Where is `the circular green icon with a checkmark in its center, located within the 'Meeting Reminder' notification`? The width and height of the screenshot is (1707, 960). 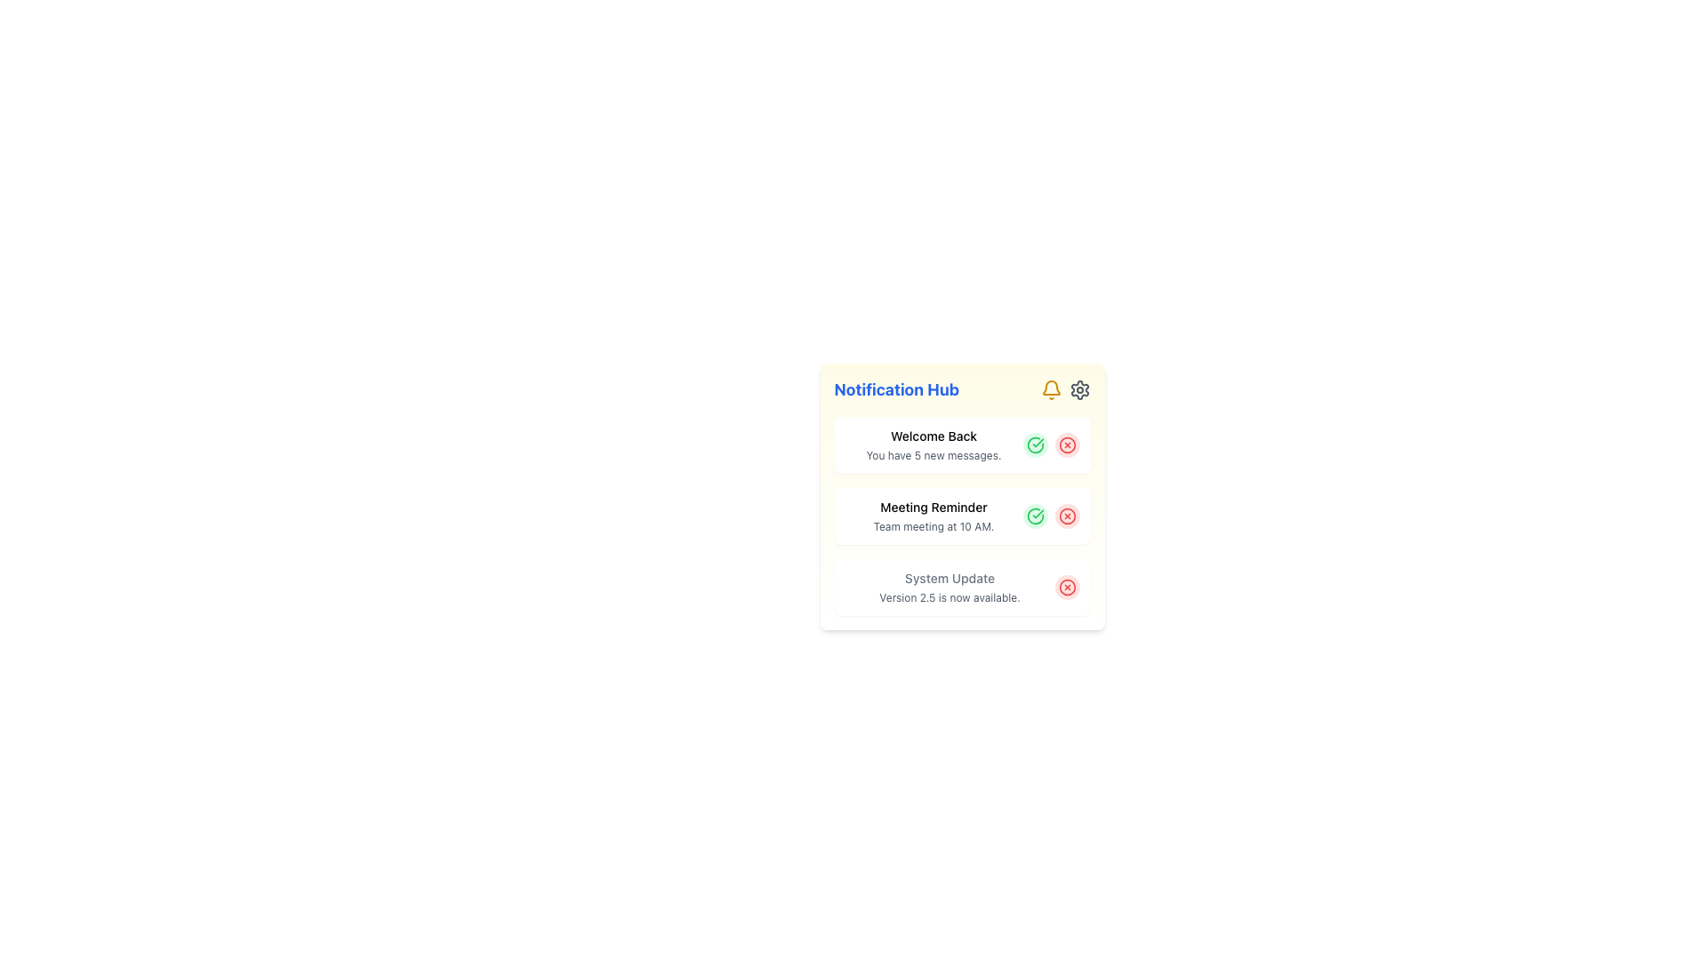
the circular green icon with a checkmark in its center, located within the 'Meeting Reminder' notification is located at coordinates (1035, 444).